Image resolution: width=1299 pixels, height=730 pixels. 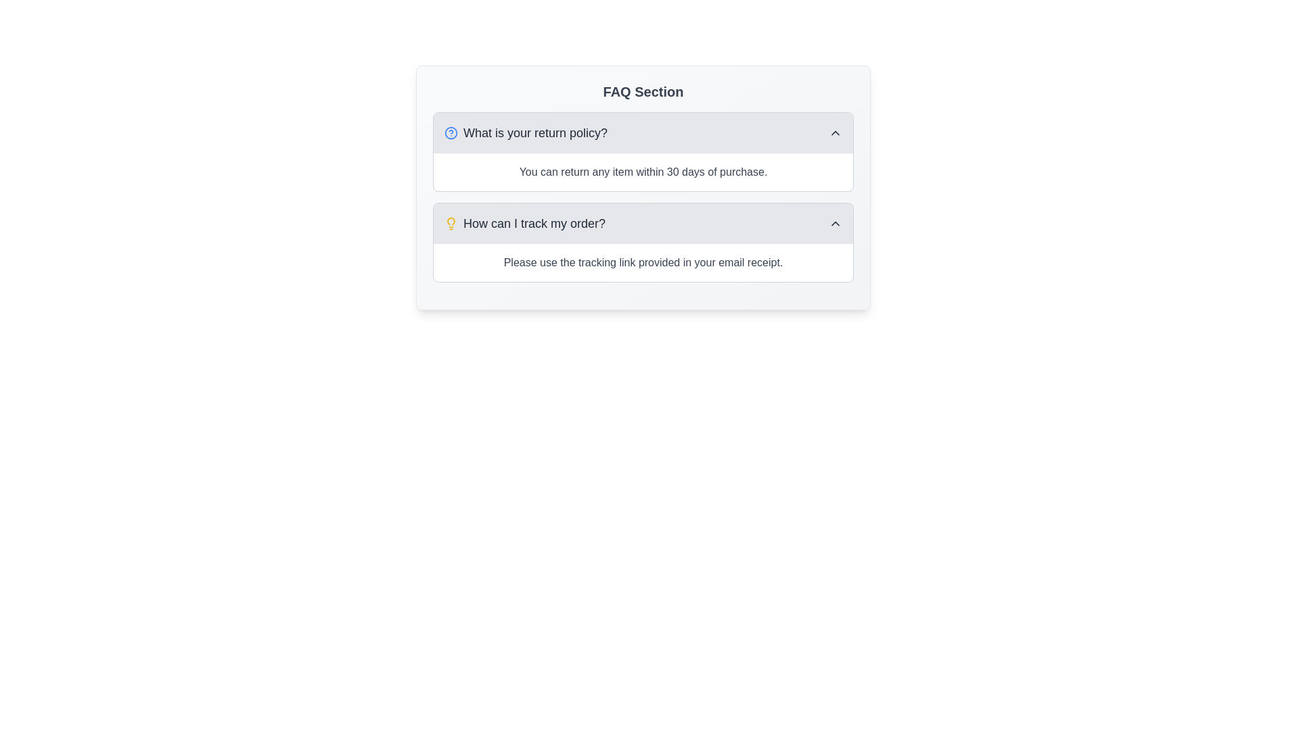 I want to click on the first question in the Collapsible FAQ section, so click(x=642, y=151).